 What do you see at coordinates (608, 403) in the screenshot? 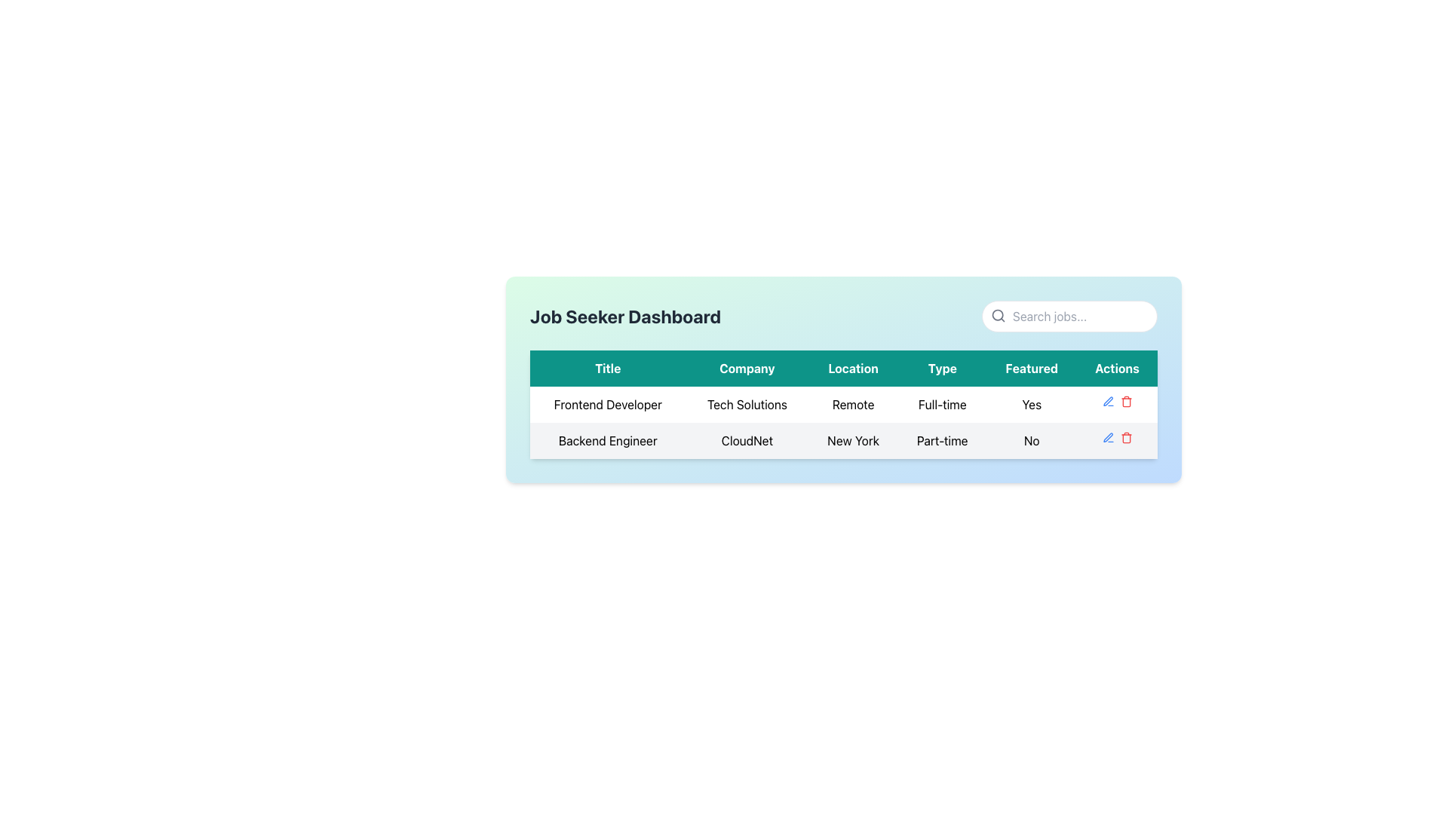
I see `the static text label displaying 'Frontend Developer' in bold black font, located in the first row under the 'Title' column of a table with alternating row colors` at bounding box center [608, 403].